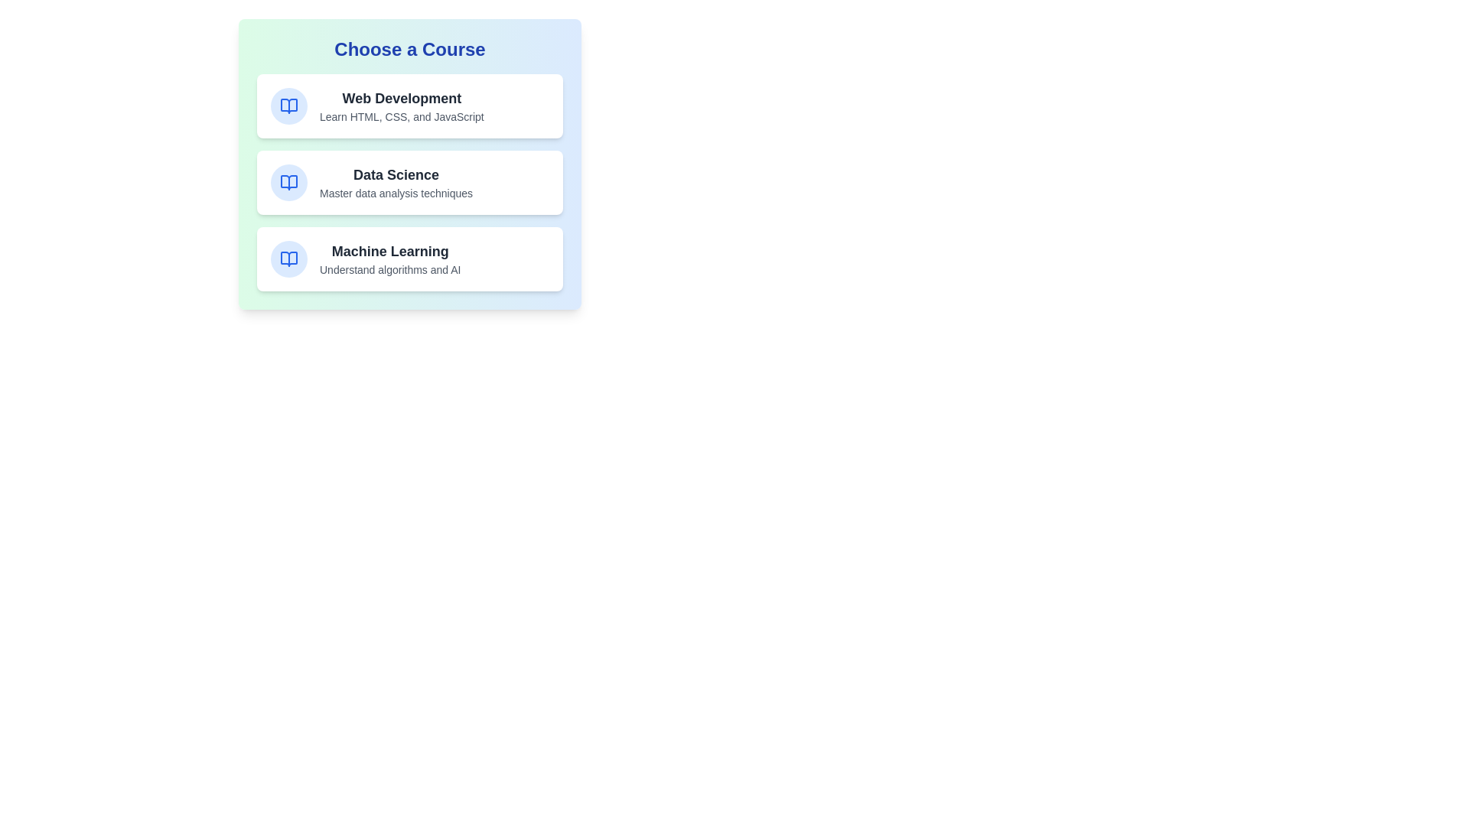 The height and width of the screenshot is (826, 1469). What do you see at coordinates (410, 164) in the screenshot?
I see `the 'Data Science' course card, which is the second item in a vertical list of three course options` at bounding box center [410, 164].